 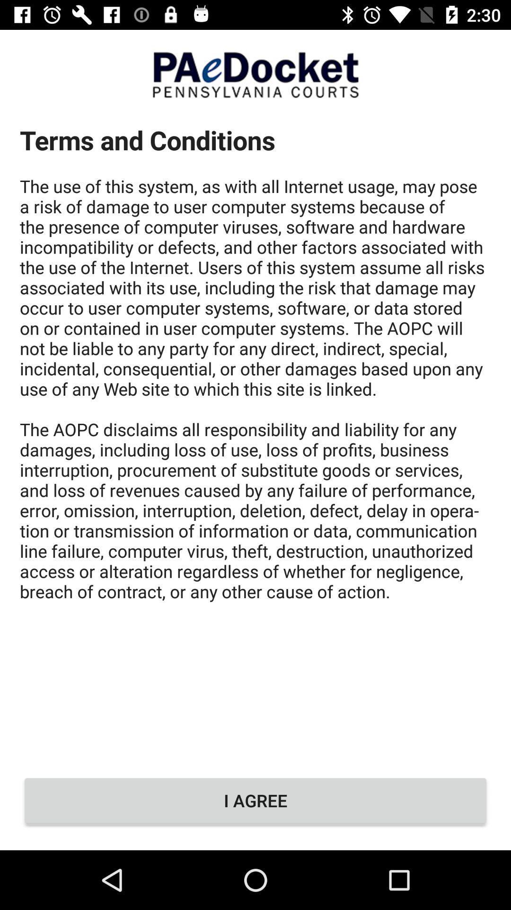 I want to click on icon above i agree icon, so click(x=255, y=435).